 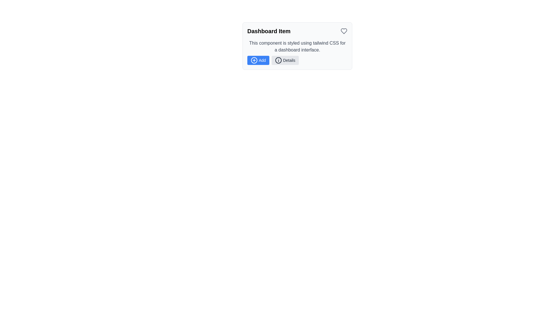 What do you see at coordinates (285, 60) in the screenshot?
I see `the gray rounded rectangle button labeled 'Details' with an information icon` at bounding box center [285, 60].